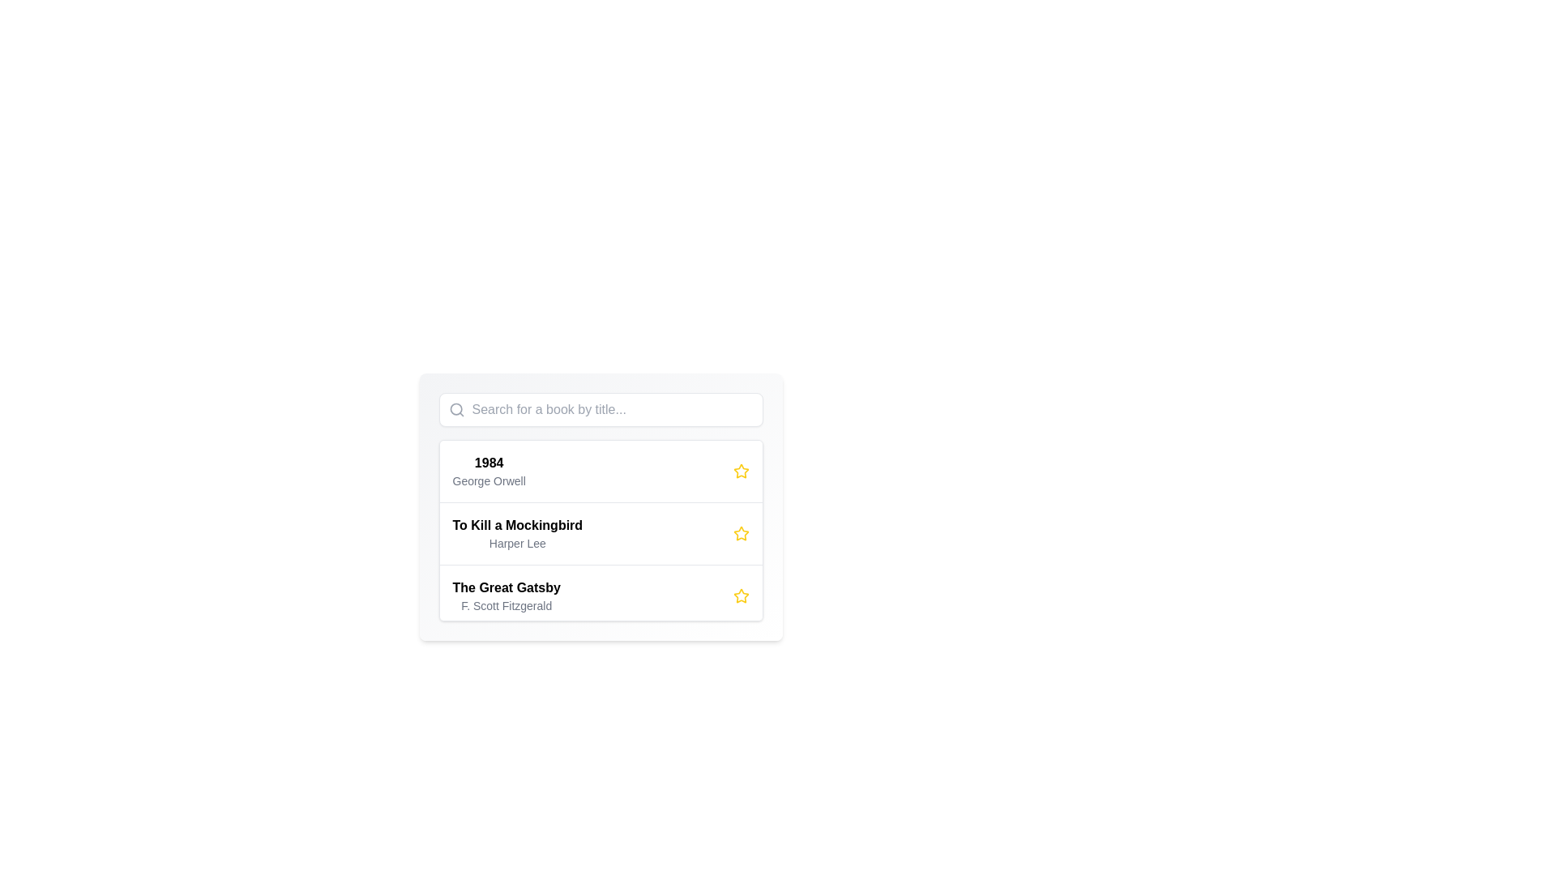  What do you see at coordinates (455, 408) in the screenshot?
I see `the search icon element, which is a gray magnifying glass located inside the input field on the left side next to the placeholder text 'Search for a book by title...'` at bounding box center [455, 408].